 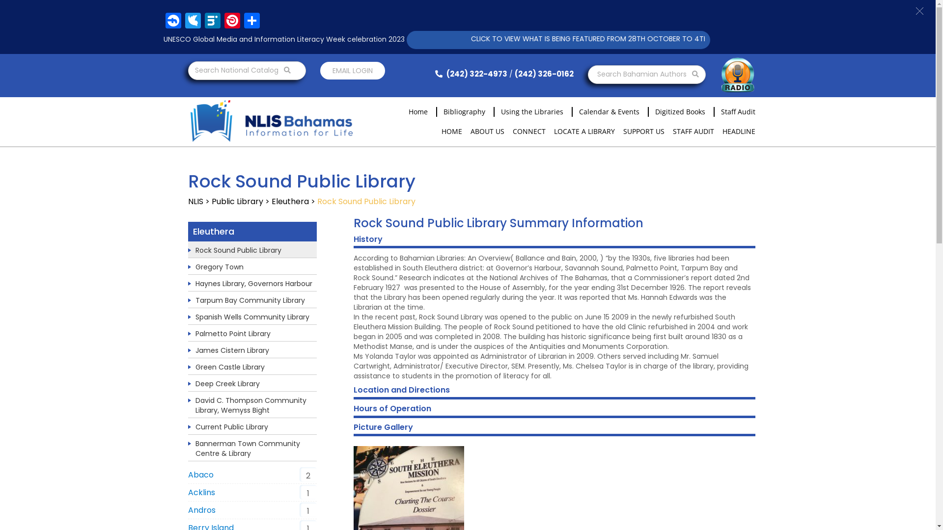 What do you see at coordinates (527, 111) in the screenshot?
I see `'Using the Libraries'` at bounding box center [527, 111].